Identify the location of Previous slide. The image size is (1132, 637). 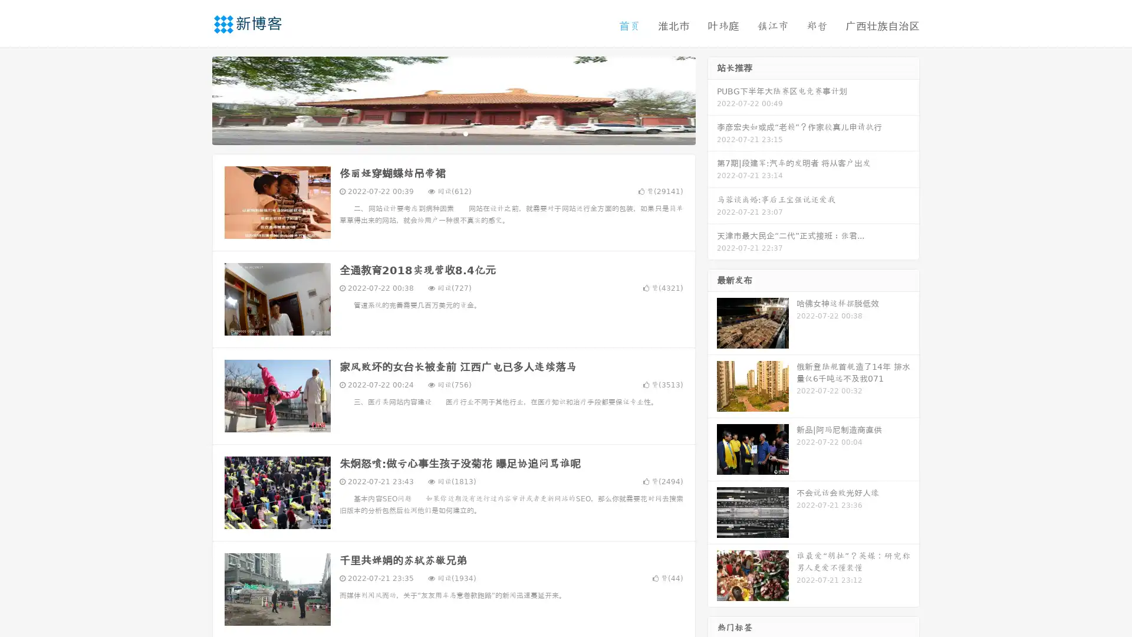
(195, 99).